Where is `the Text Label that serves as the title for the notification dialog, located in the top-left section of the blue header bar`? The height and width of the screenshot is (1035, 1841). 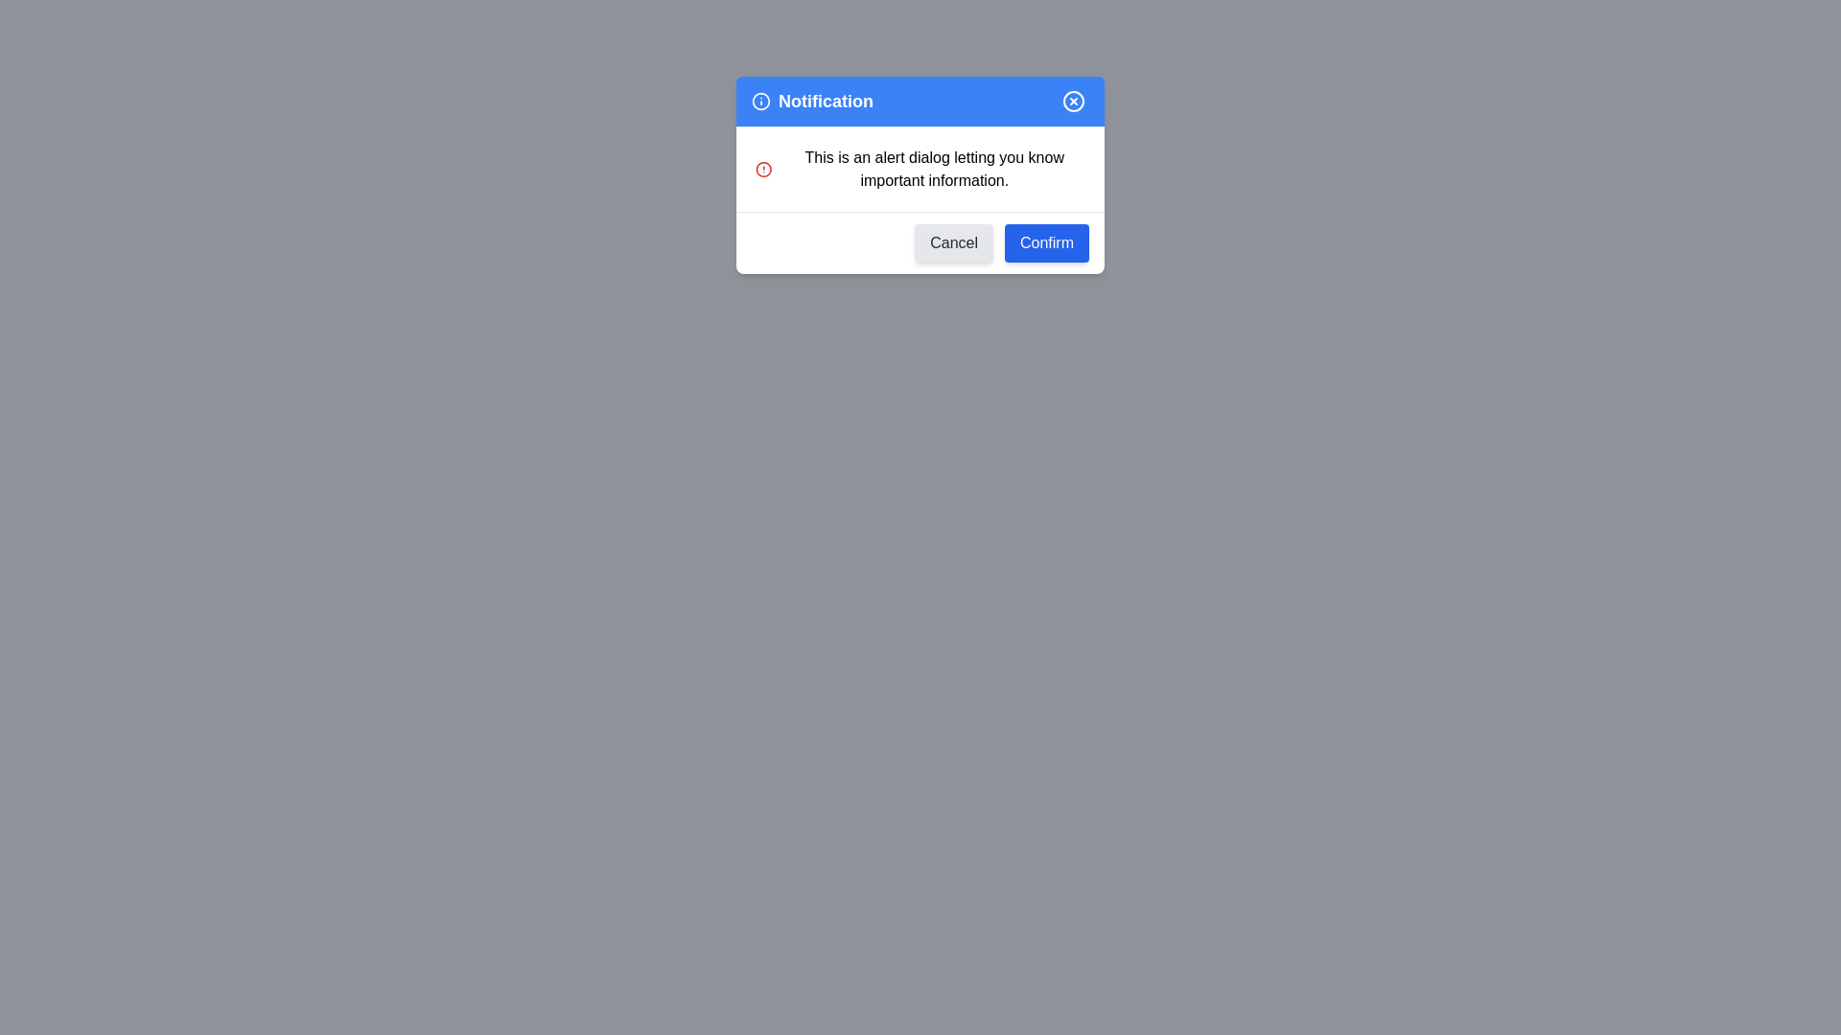
the Text Label that serves as the title for the notification dialog, located in the top-left section of the blue header bar is located at coordinates (812, 101).